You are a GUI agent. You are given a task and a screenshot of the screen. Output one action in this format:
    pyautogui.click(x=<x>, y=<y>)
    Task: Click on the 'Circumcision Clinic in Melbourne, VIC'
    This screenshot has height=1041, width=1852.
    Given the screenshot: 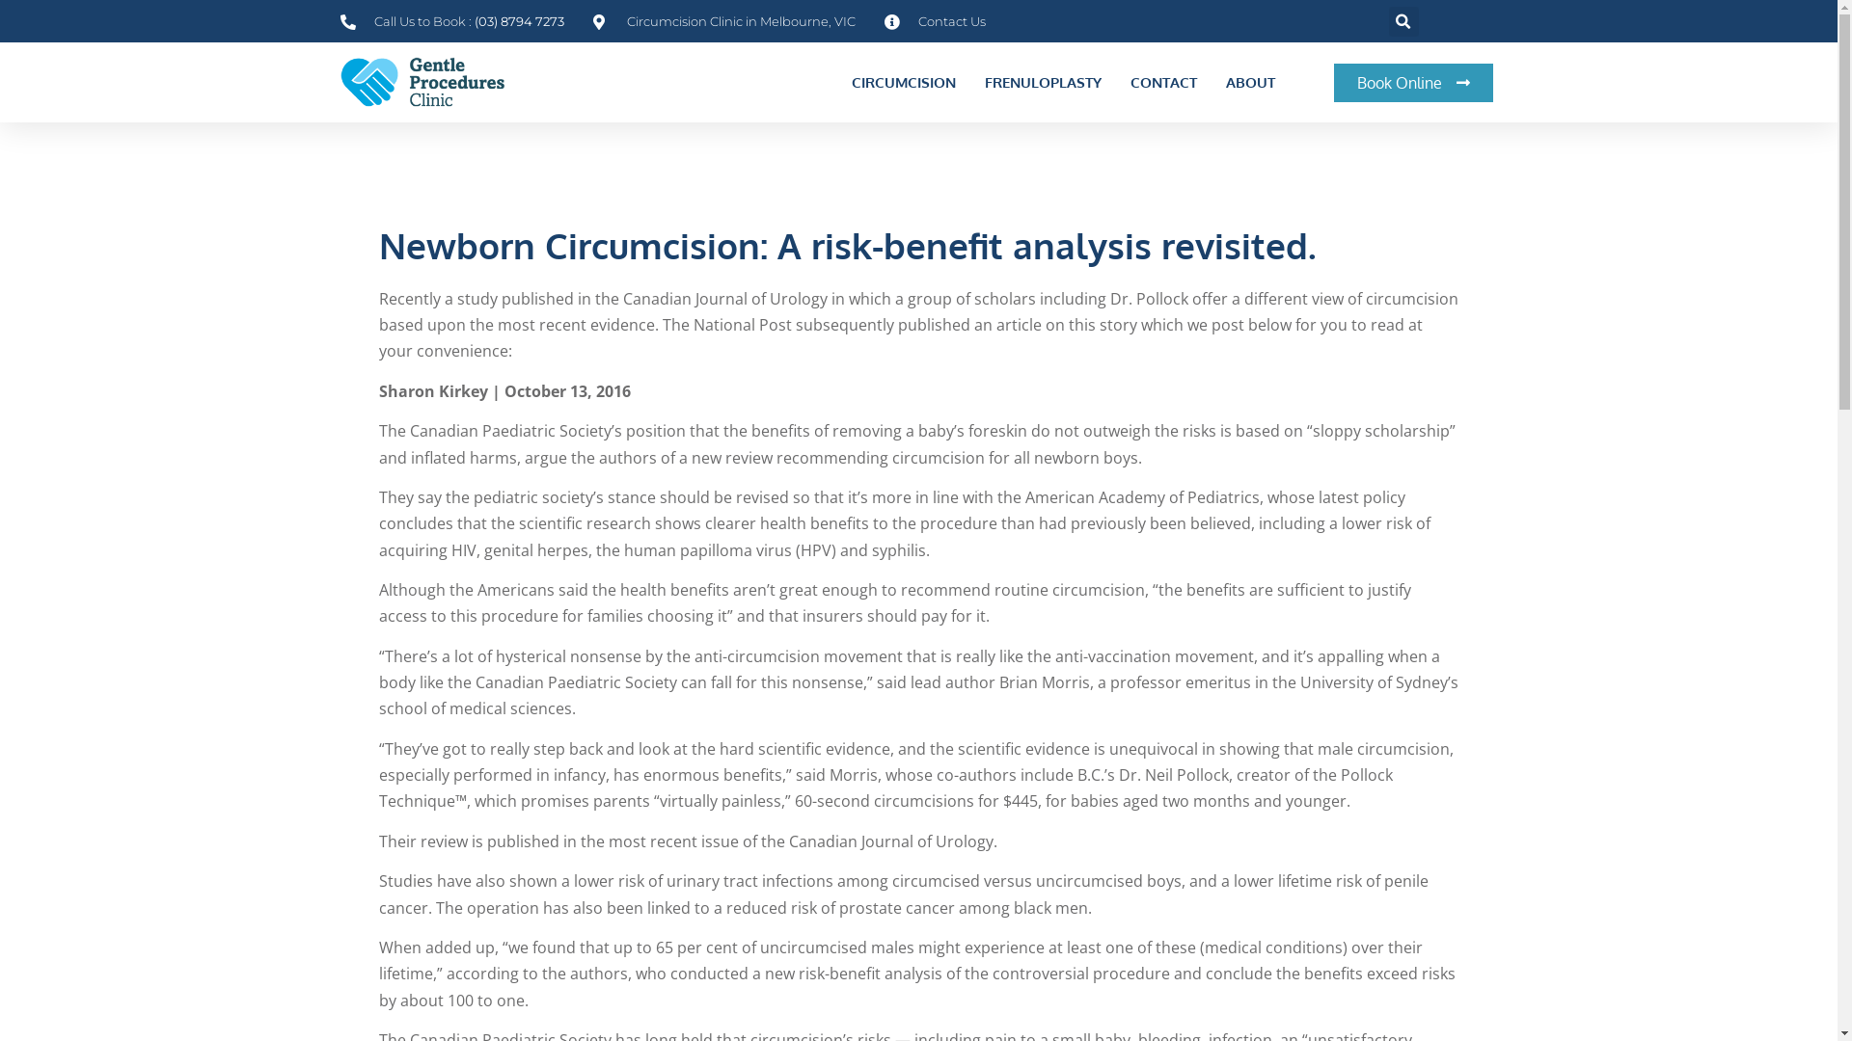 What is the action you would take?
    pyautogui.click(x=722, y=21)
    